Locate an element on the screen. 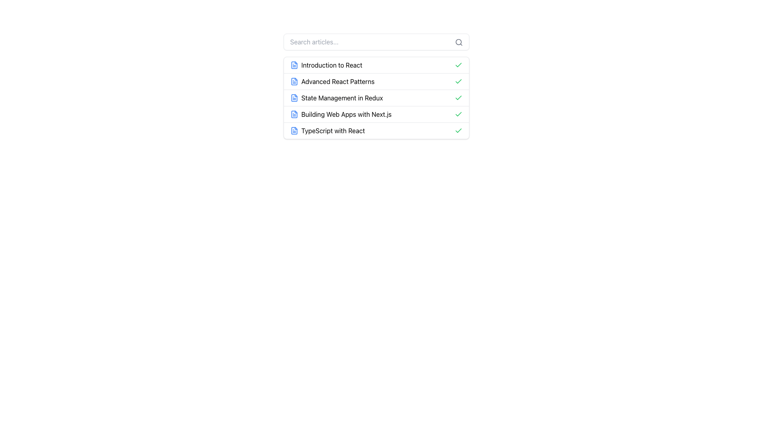 This screenshot has width=769, height=432. the state of the green checkmark icon located at the far right of the list item labeled 'TypeScript with React' is located at coordinates (458, 130).